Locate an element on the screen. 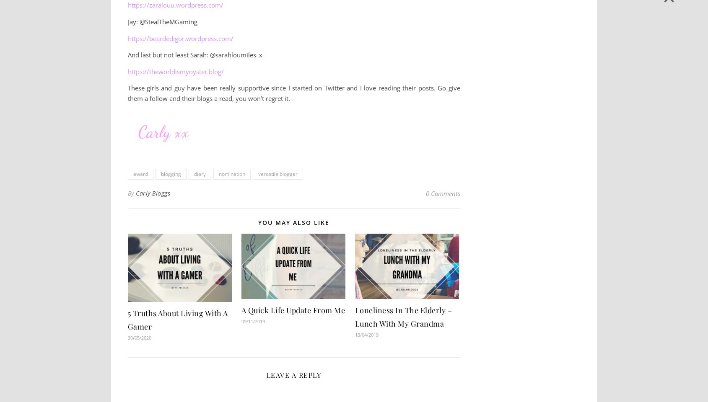  'https://zaralouu.wordpress.com/' is located at coordinates (175, 5).